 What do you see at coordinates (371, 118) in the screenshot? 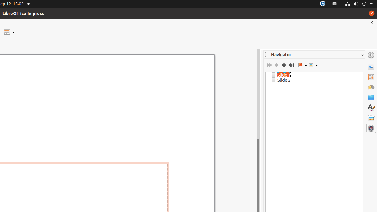
I see `'Gallery'` at bounding box center [371, 118].